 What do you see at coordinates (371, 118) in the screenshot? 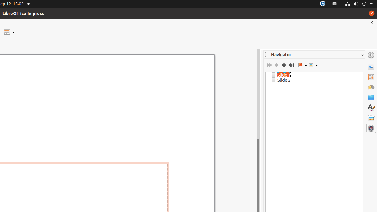
I see `'Gallery'` at bounding box center [371, 118].